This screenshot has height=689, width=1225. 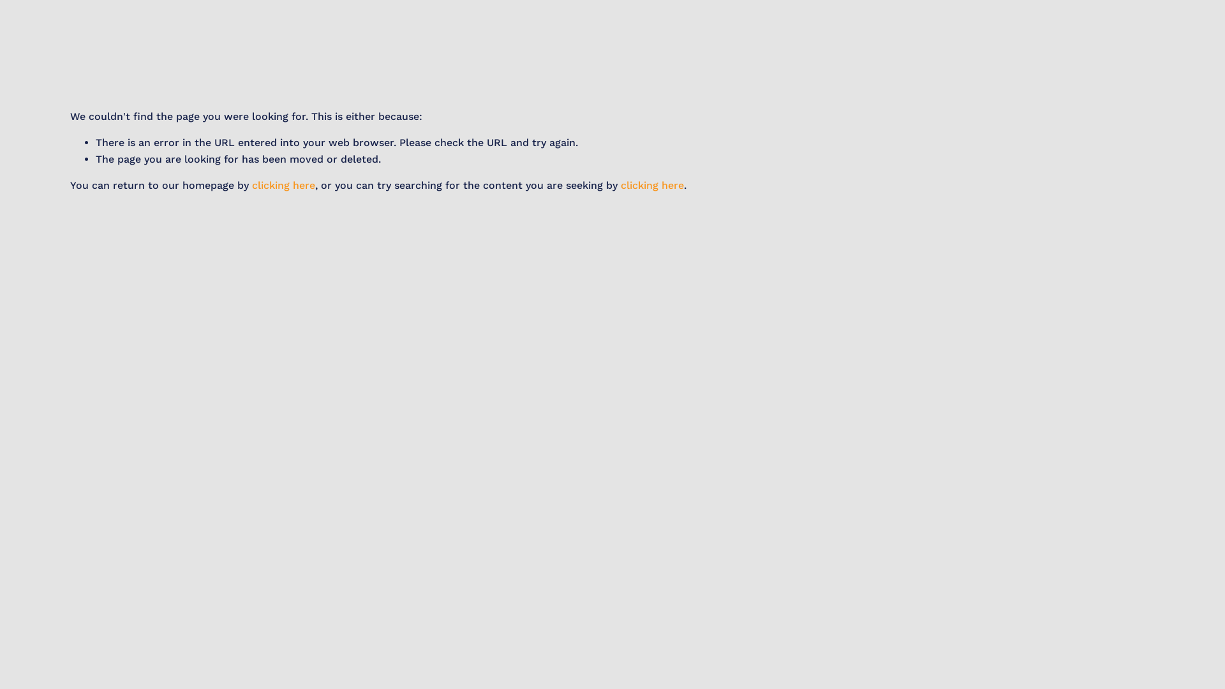 I want to click on 'clicking here', so click(x=251, y=185).